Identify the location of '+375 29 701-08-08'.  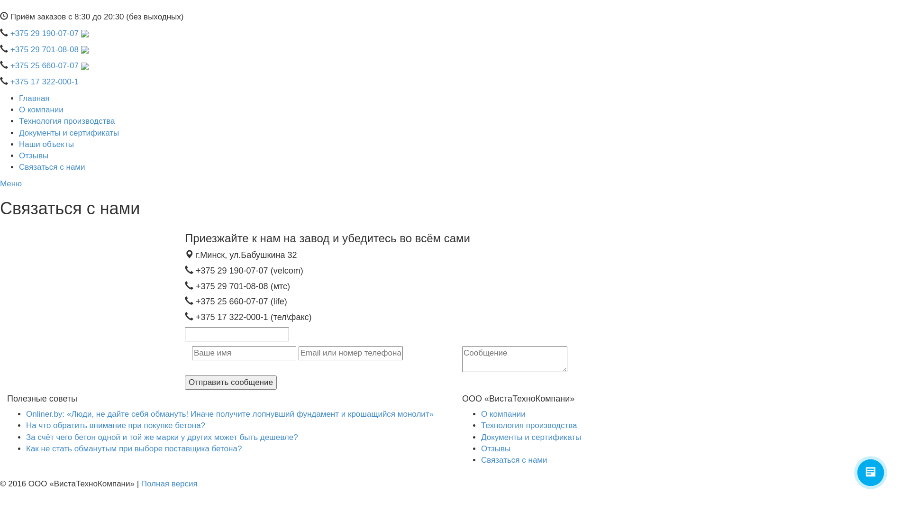
(49, 49).